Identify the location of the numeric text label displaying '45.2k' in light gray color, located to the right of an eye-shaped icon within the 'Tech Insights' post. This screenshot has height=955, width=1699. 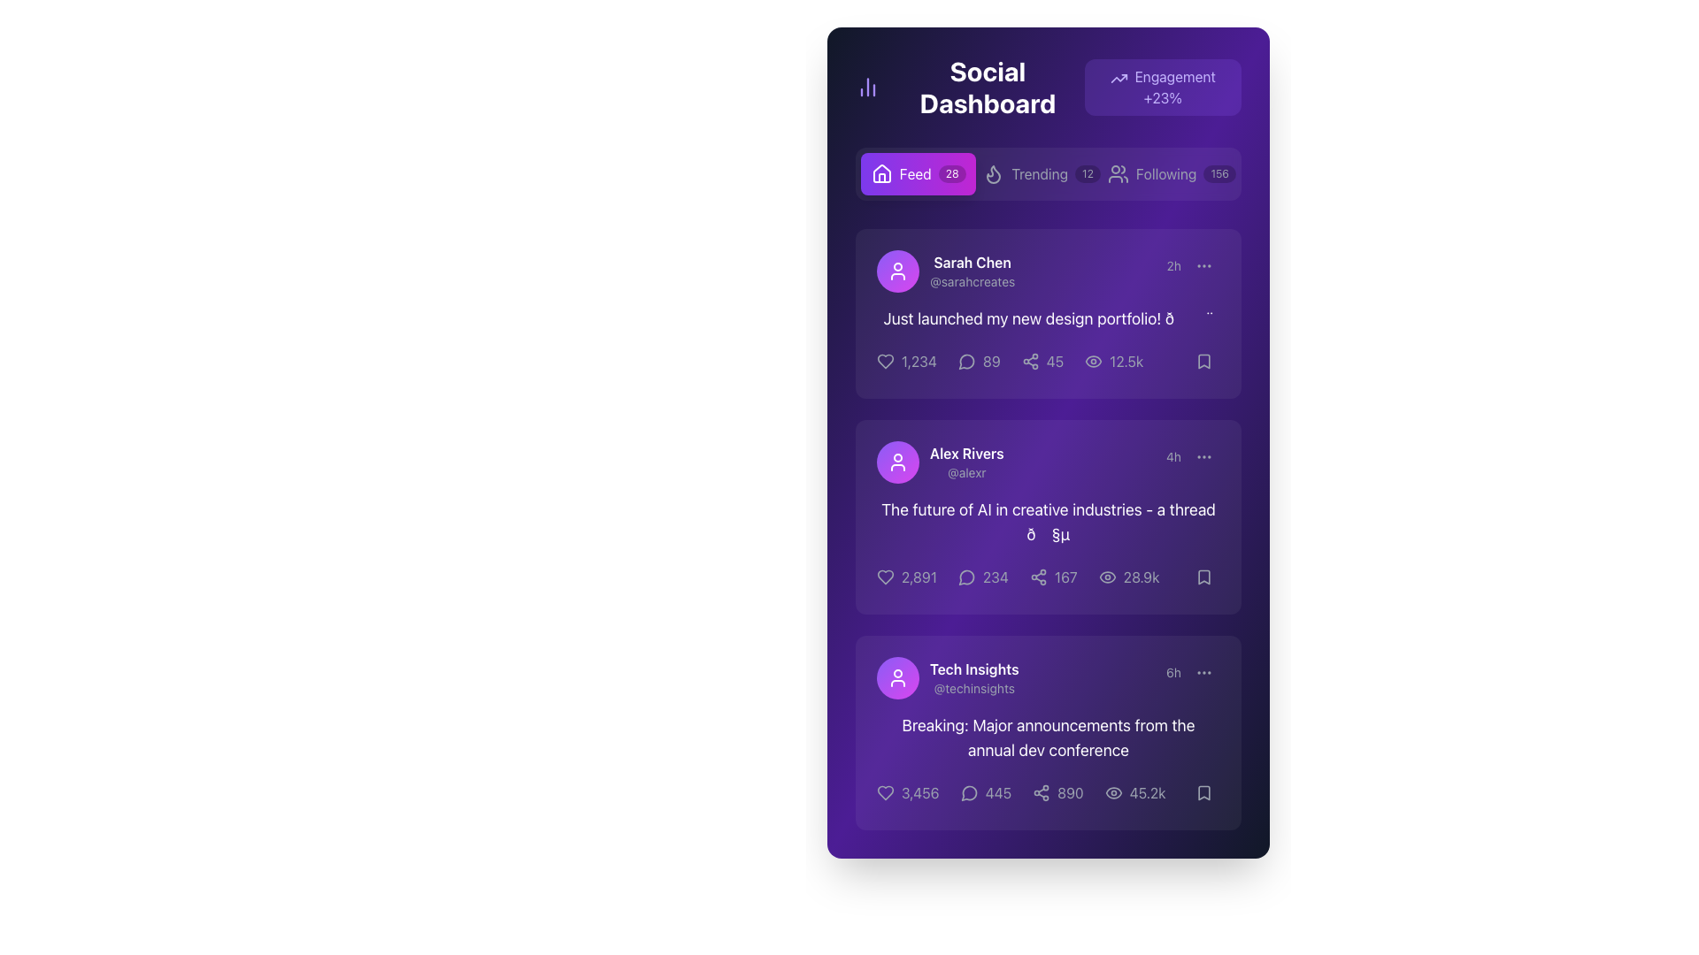
(1148, 792).